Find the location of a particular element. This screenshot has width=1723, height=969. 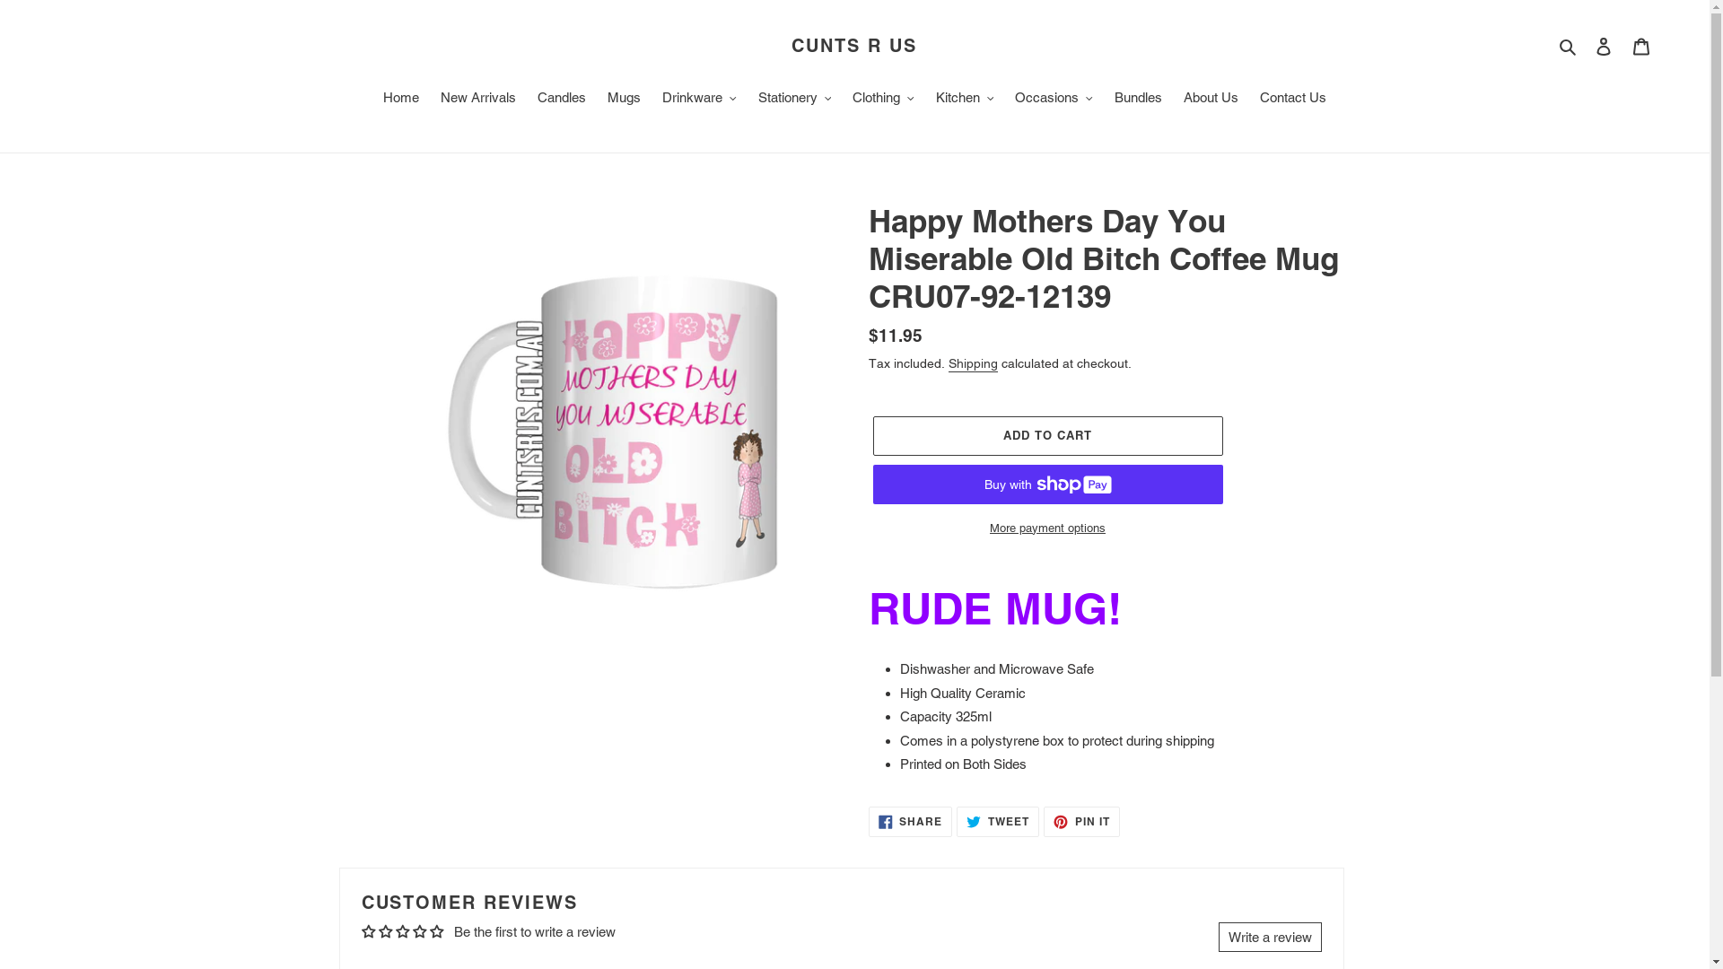

'Kitchen' is located at coordinates (964, 100).